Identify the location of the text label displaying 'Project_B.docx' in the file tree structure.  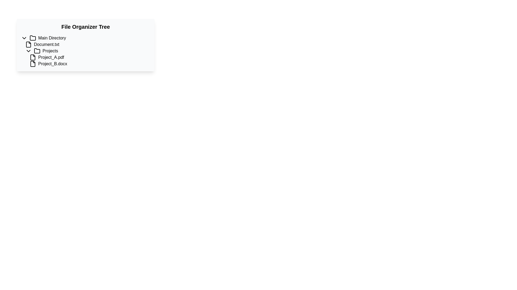
(53, 64).